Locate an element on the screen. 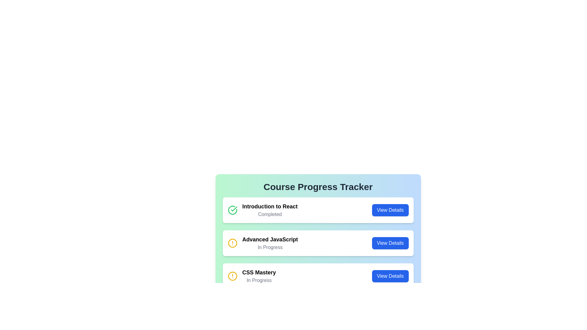 The image size is (587, 330). text content of the static display element showing the course title 'Advanced JavaScript' and its status 'In Progress' in the Course Progress Tracker, which is the second item in the list is located at coordinates (270, 243).